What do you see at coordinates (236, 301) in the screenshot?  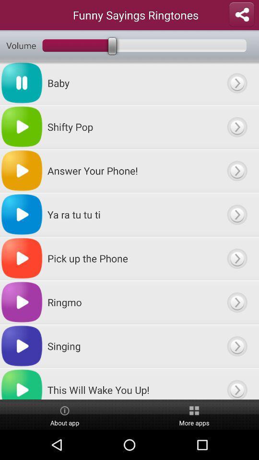 I see `ringmo` at bounding box center [236, 301].